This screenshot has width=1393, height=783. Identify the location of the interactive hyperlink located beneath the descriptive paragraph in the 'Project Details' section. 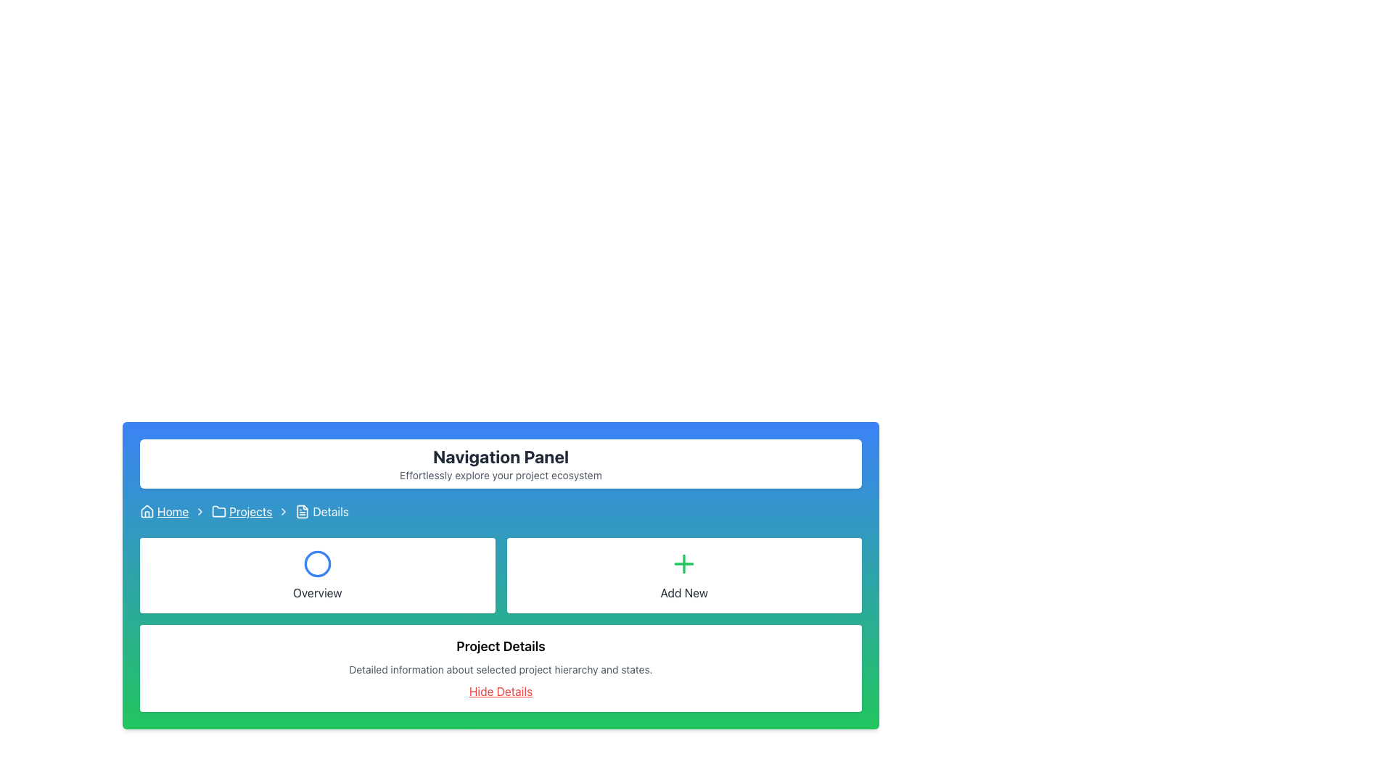
(501, 690).